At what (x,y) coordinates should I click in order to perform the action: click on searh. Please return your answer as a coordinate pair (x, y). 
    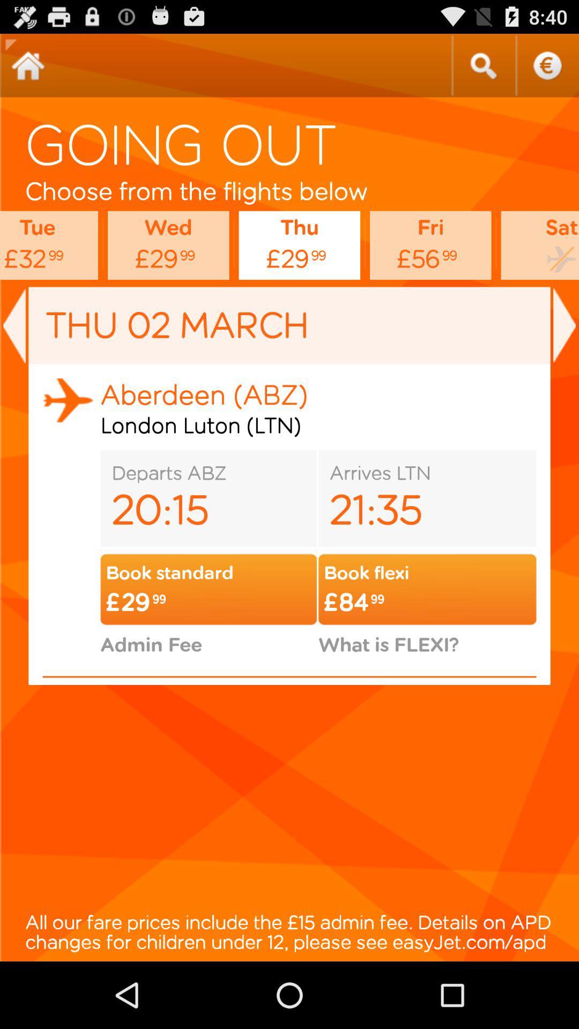
    Looking at the image, I should click on (483, 65).